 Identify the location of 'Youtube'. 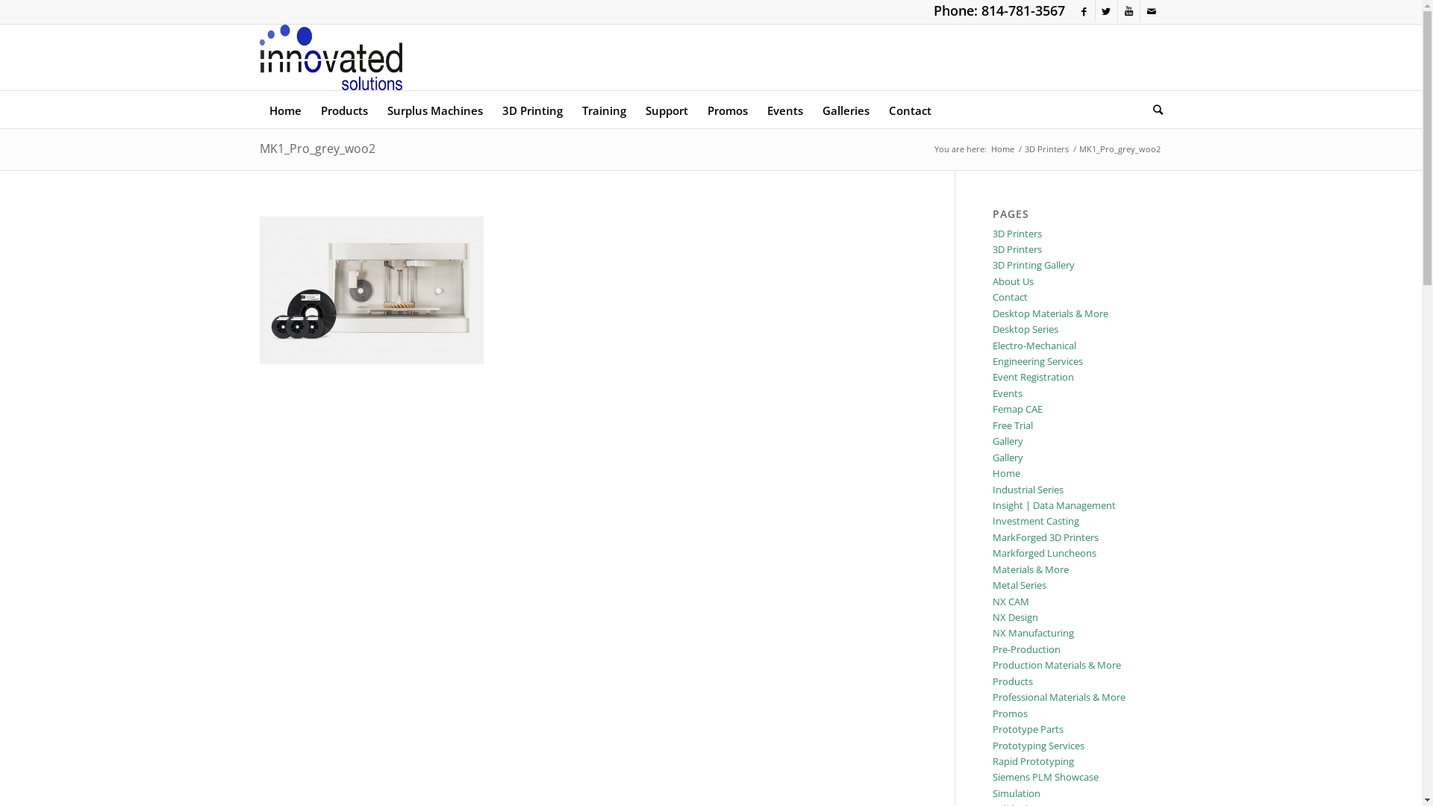
(1128, 11).